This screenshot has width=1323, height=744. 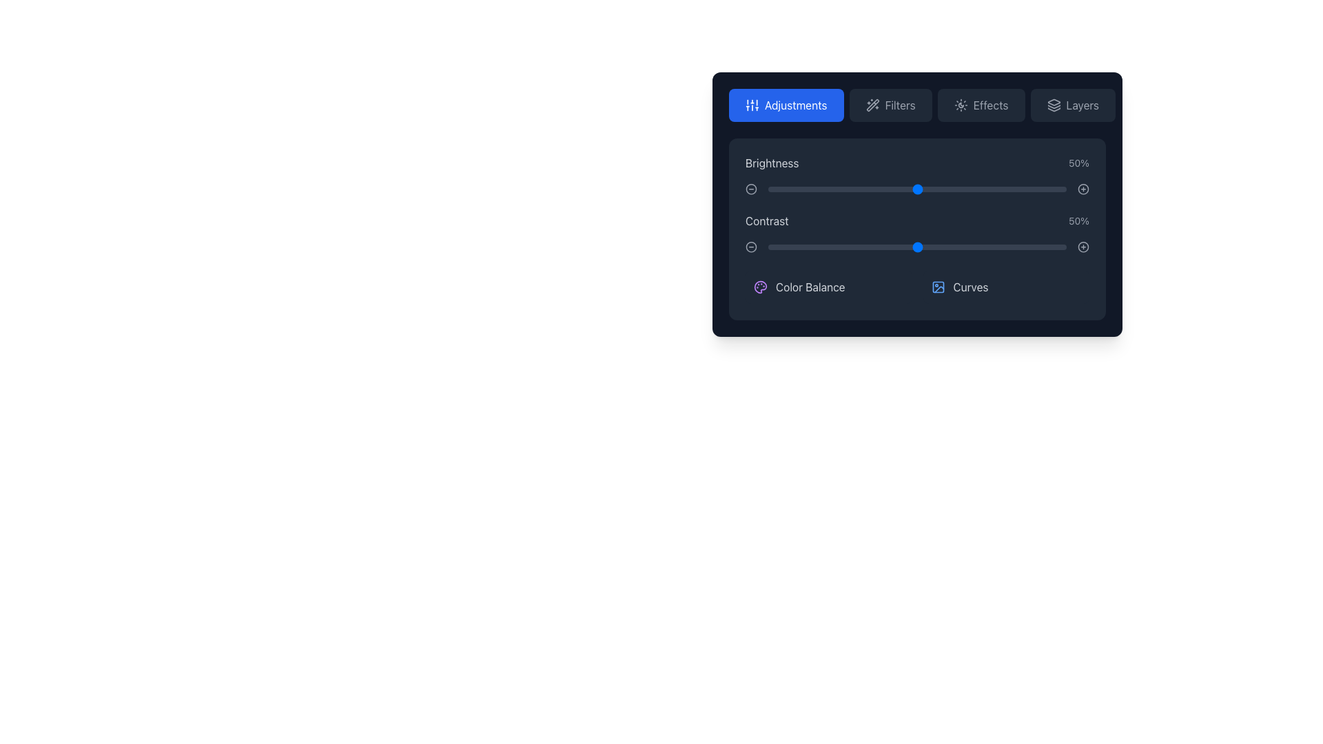 What do you see at coordinates (1012, 246) in the screenshot?
I see `the contrast level` at bounding box center [1012, 246].